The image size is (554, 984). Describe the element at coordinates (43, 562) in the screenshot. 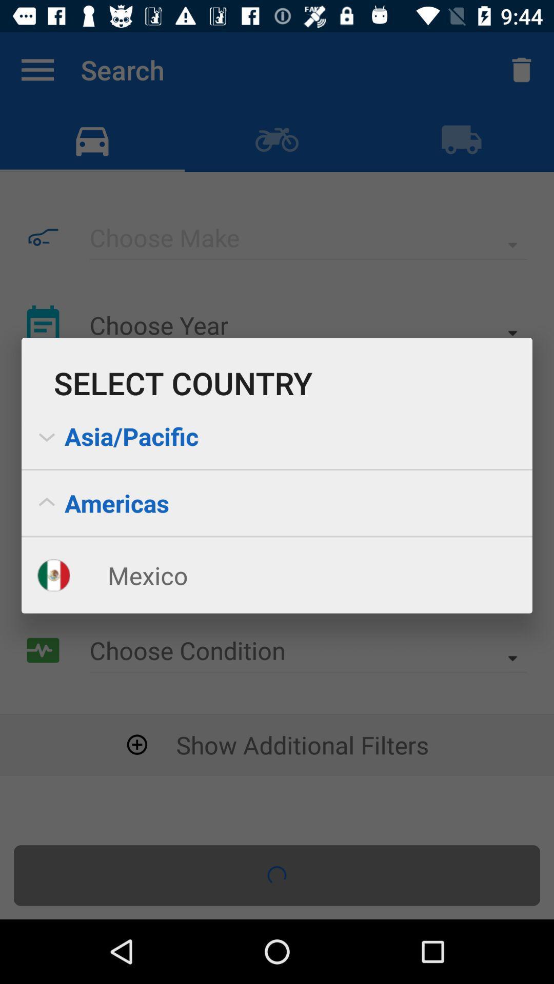

I see `the flag which is beside mexico` at that location.